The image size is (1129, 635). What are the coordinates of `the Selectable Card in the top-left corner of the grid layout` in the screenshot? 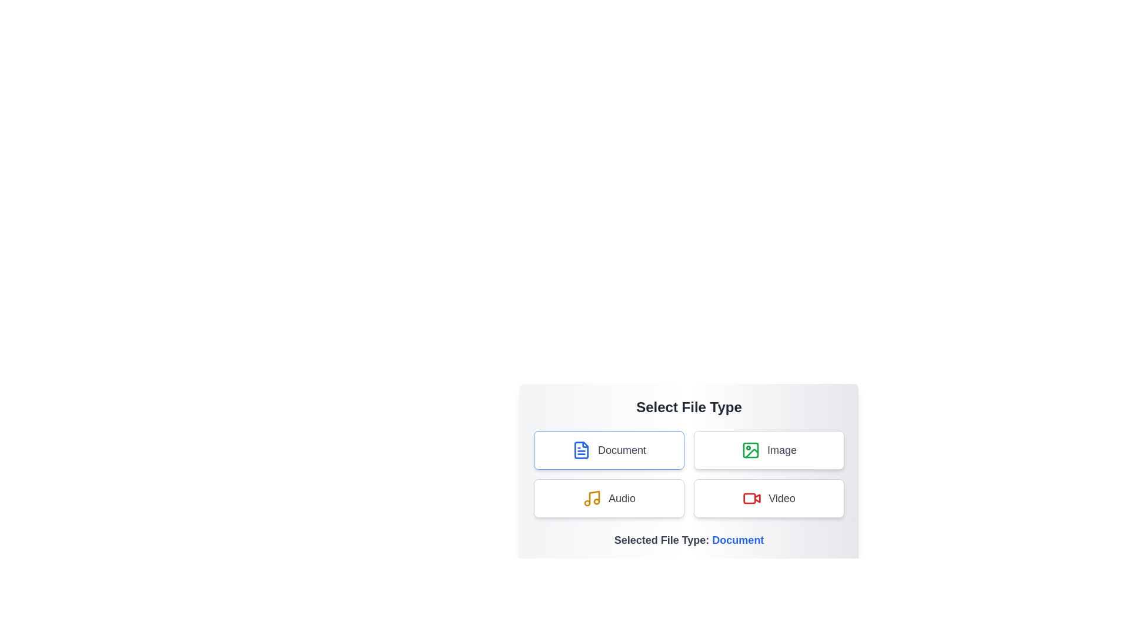 It's located at (609, 450).